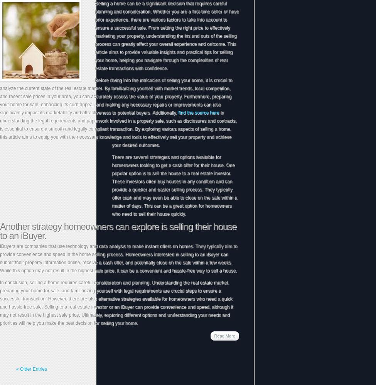 The height and width of the screenshot is (385, 376). What do you see at coordinates (31, 369) in the screenshot?
I see `'« Older Entries'` at bounding box center [31, 369].